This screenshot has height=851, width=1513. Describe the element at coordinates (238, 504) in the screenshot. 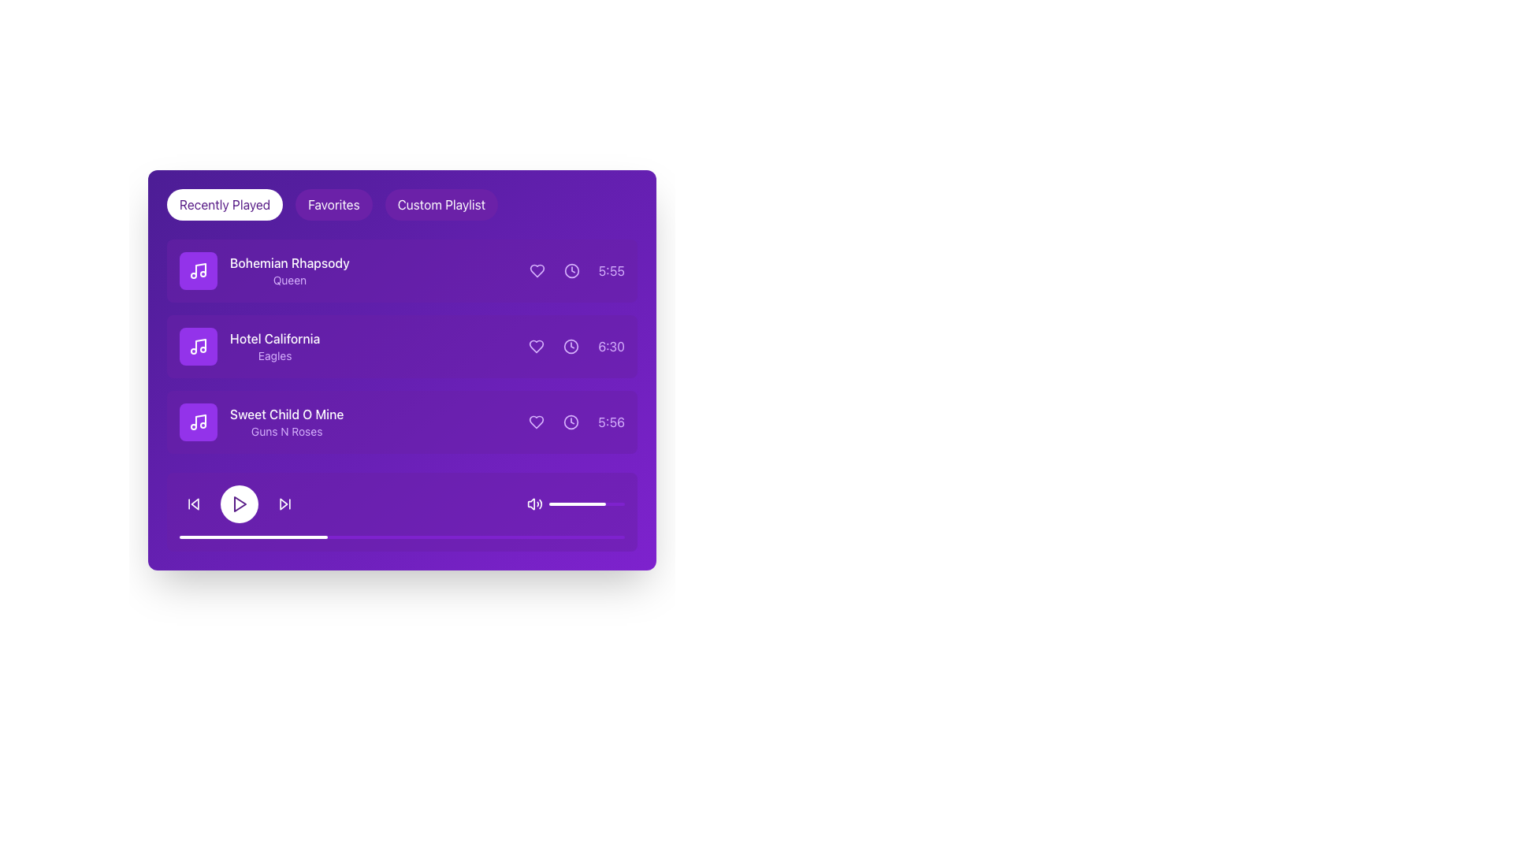

I see `the purple triangular Play button in the media control panel to observe hover effects` at that location.